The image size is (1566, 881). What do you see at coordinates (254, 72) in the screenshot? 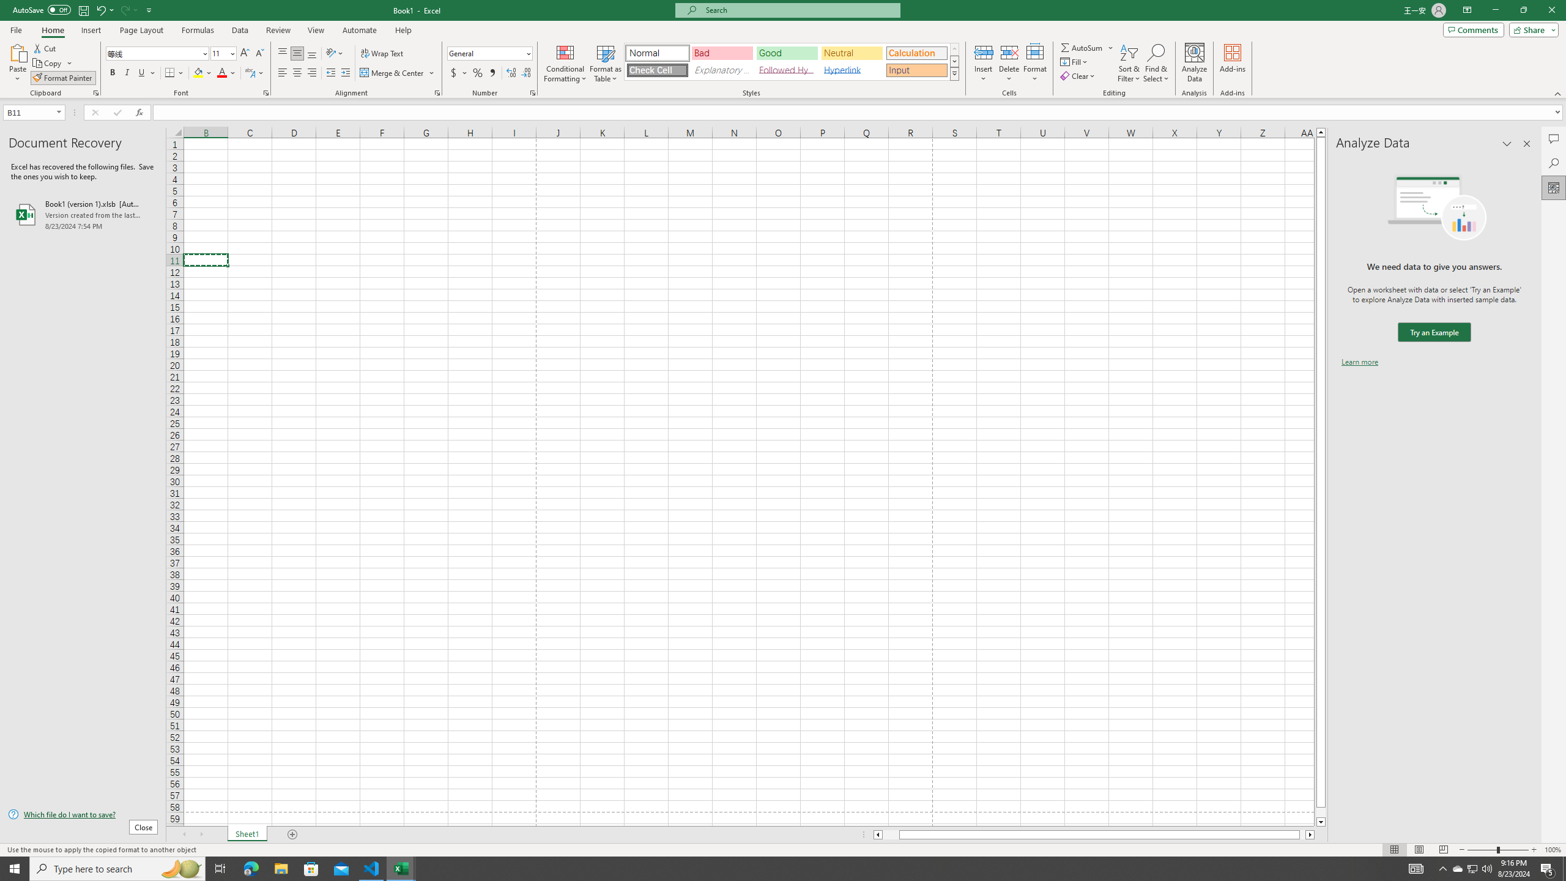
I see `'Show Phonetic Field'` at bounding box center [254, 72].